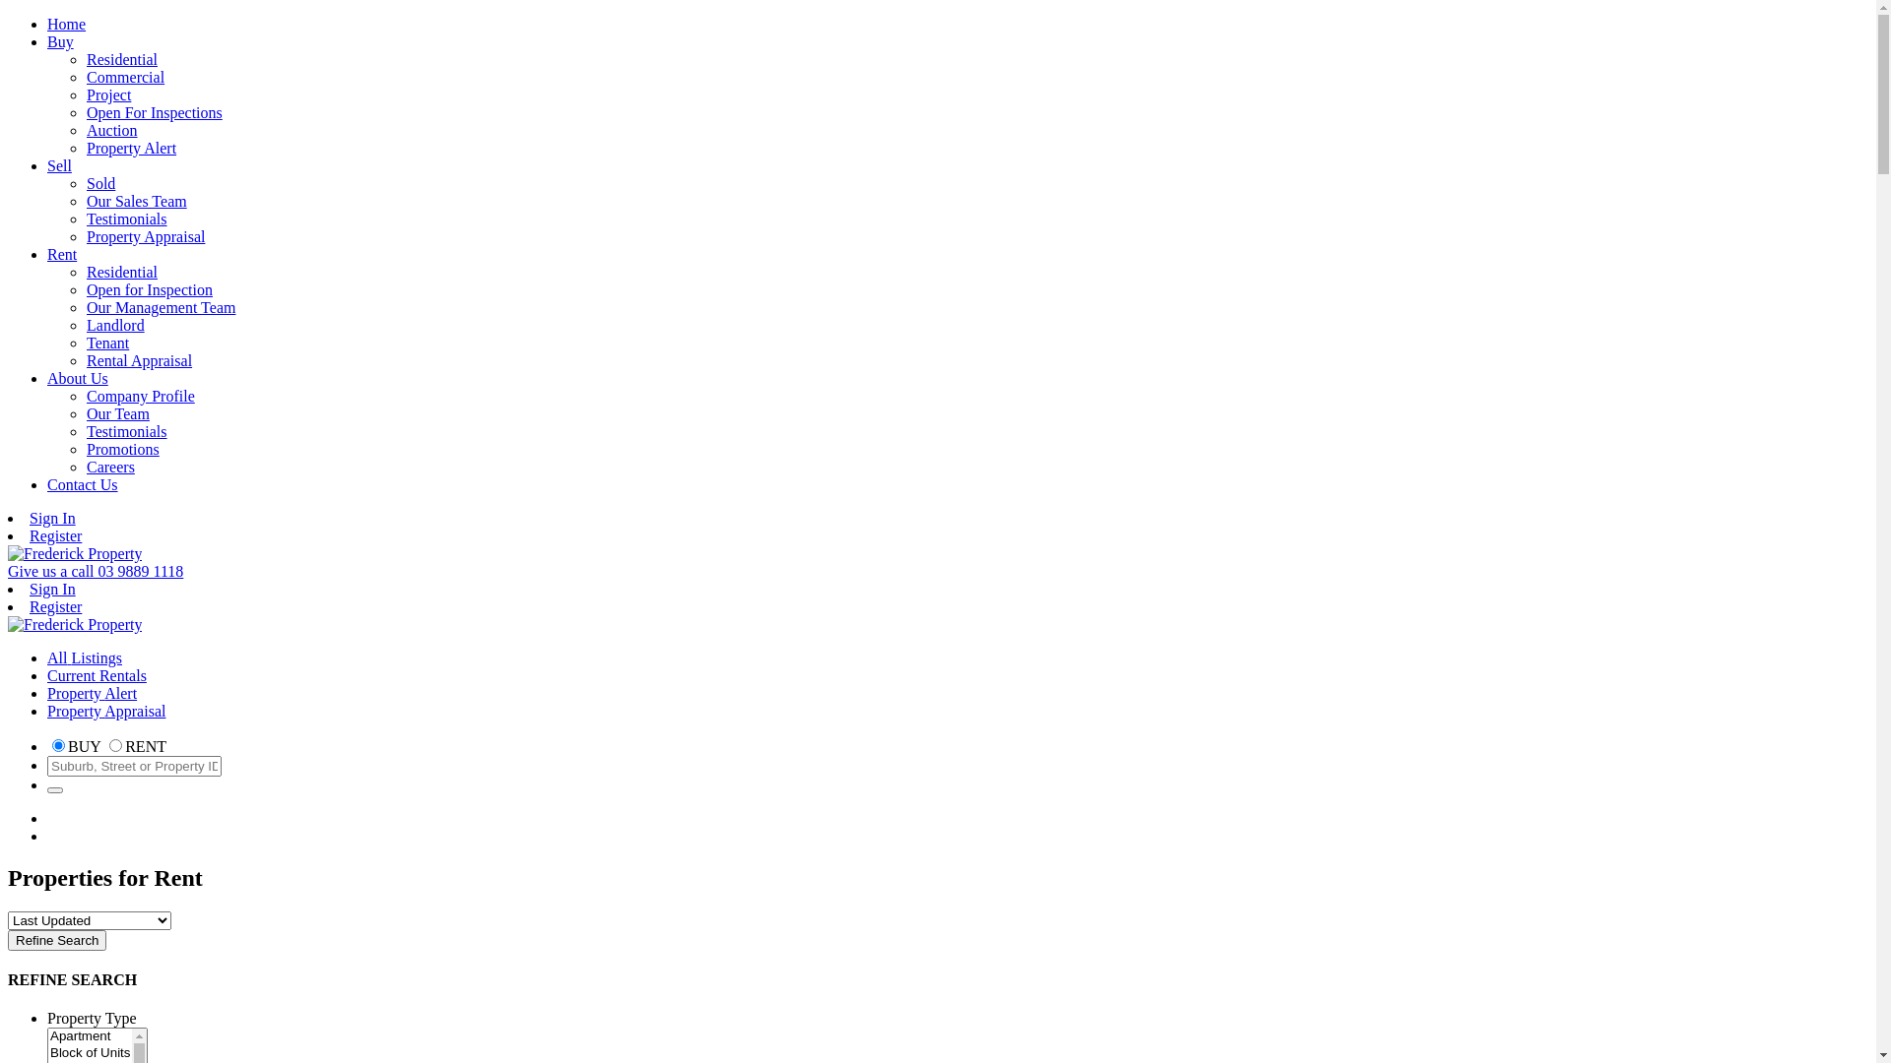 Image resolution: width=1891 pixels, height=1063 pixels. What do you see at coordinates (136, 201) in the screenshot?
I see `'Our Sales Team'` at bounding box center [136, 201].